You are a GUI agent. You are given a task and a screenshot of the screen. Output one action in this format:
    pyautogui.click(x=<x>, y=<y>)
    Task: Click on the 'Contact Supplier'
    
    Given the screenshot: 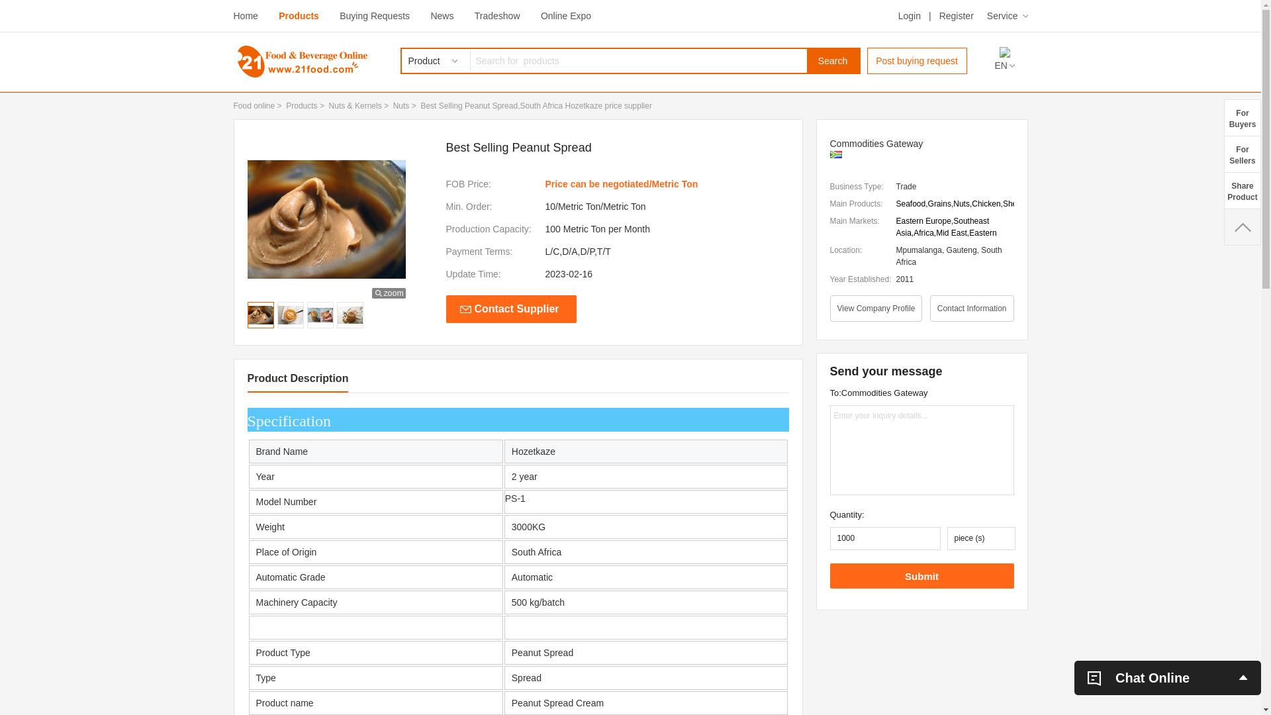 What is the action you would take?
    pyautogui.click(x=446, y=309)
    